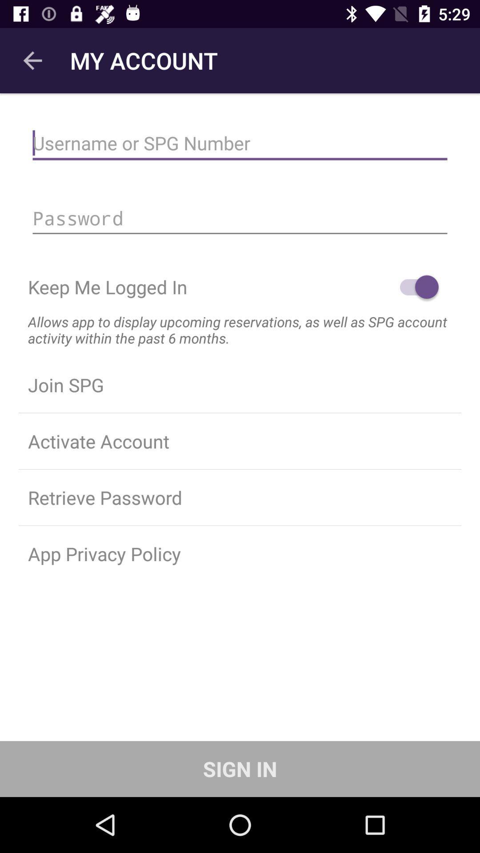 This screenshot has width=480, height=853. Describe the element at coordinates (240, 497) in the screenshot. I see `item below activate account` at that location.